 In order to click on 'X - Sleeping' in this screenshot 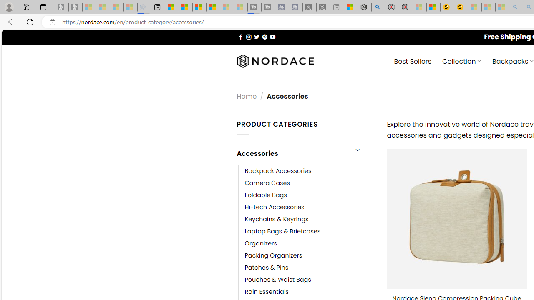, I will do `click(323, 7)`.